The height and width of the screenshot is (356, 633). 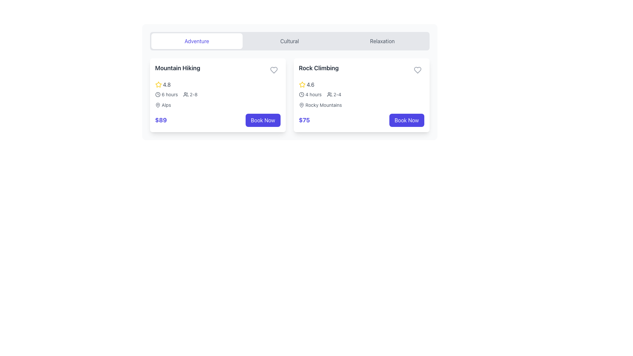 I want to click on text '6 hours' located in the Mountain Hiking section, positioned below the '4.8' rating and above the '2-8' group size details, so click(x=166, y=94).